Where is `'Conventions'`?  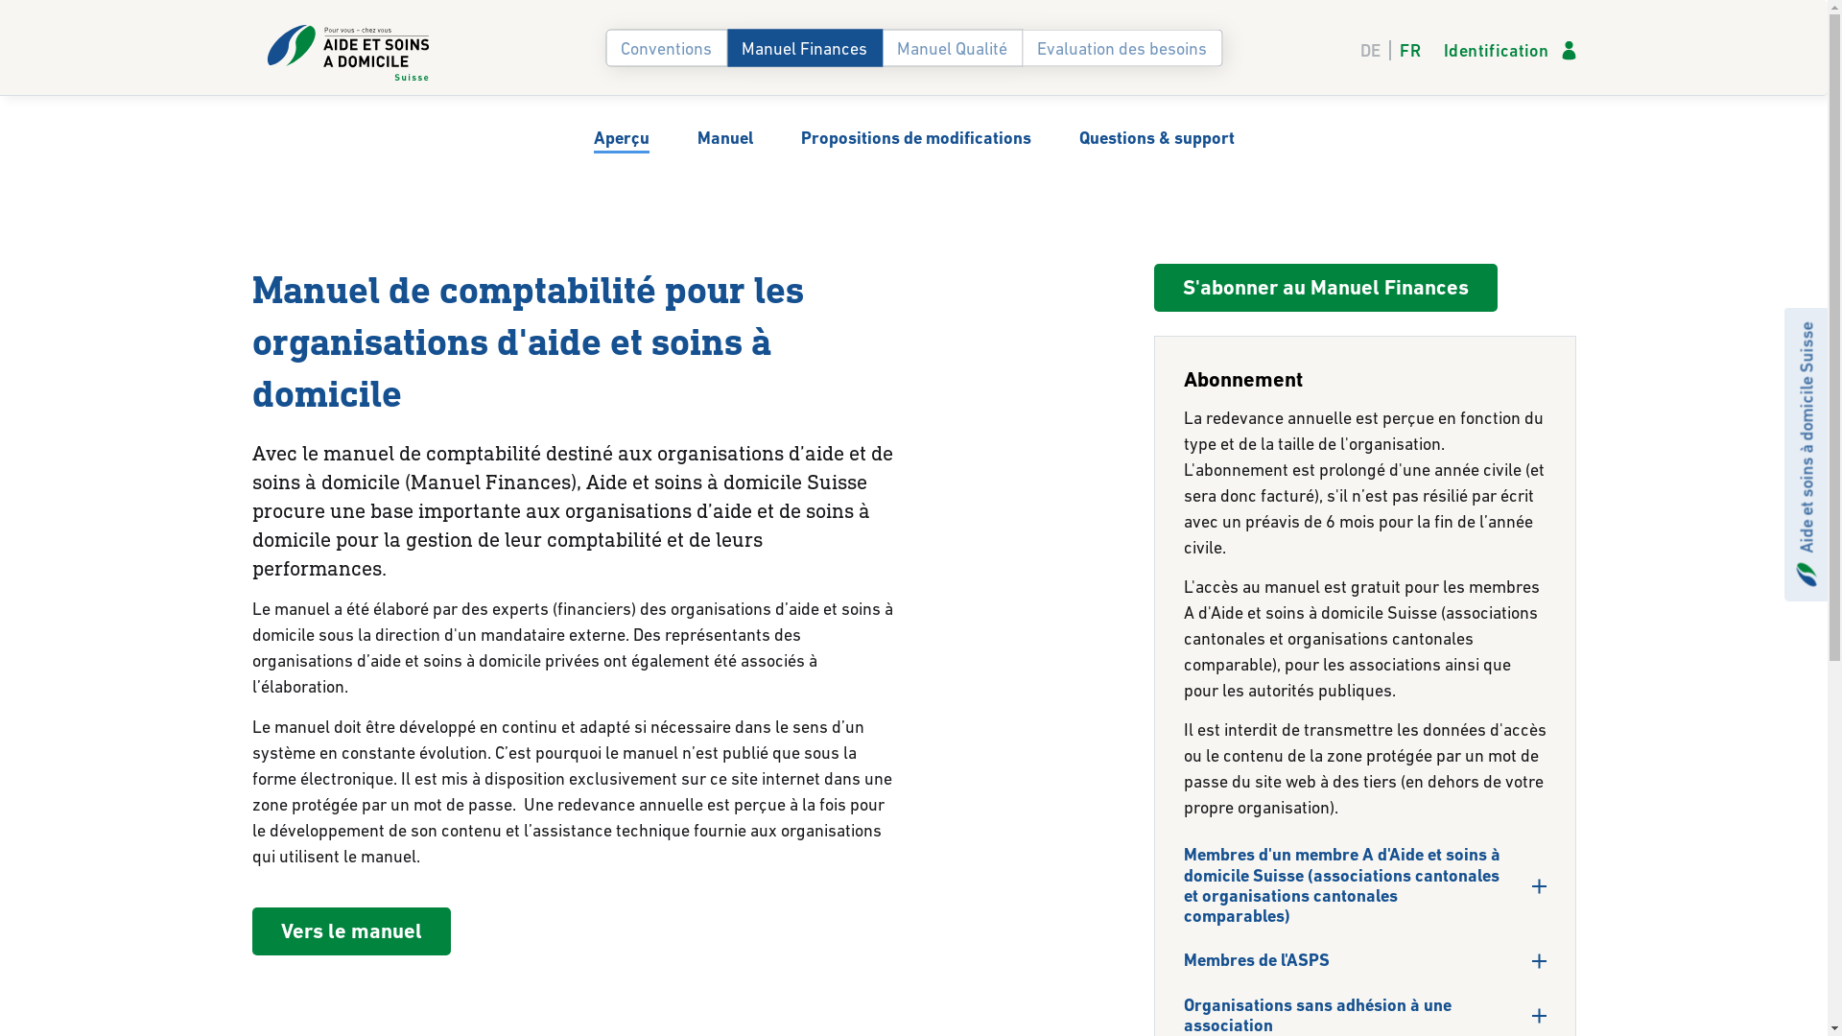 'Conventions' is located at coordinates (666, 46).